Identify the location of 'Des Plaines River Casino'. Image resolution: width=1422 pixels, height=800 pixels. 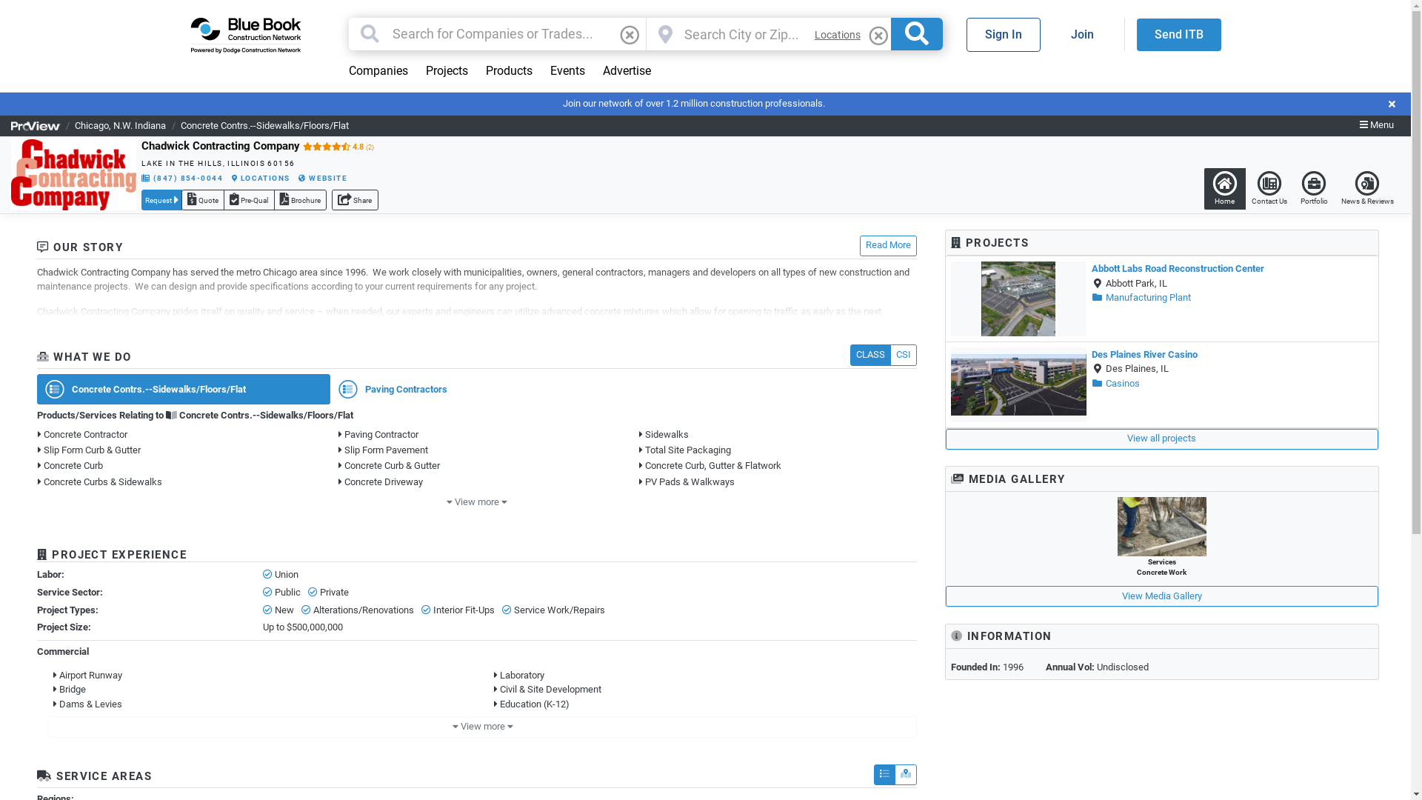
(1144, 354).